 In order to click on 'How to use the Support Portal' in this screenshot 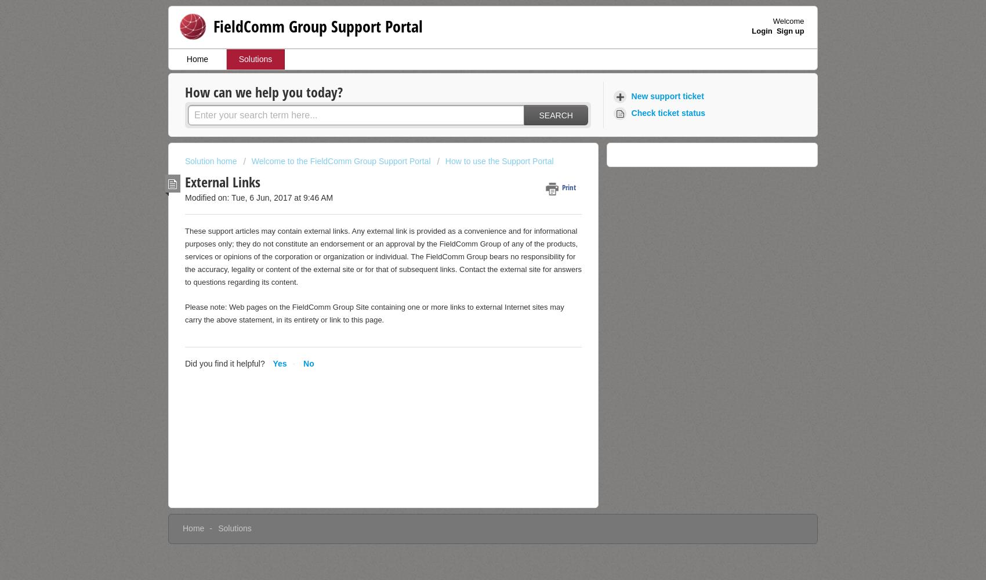, I will do `click(499, 161)`.